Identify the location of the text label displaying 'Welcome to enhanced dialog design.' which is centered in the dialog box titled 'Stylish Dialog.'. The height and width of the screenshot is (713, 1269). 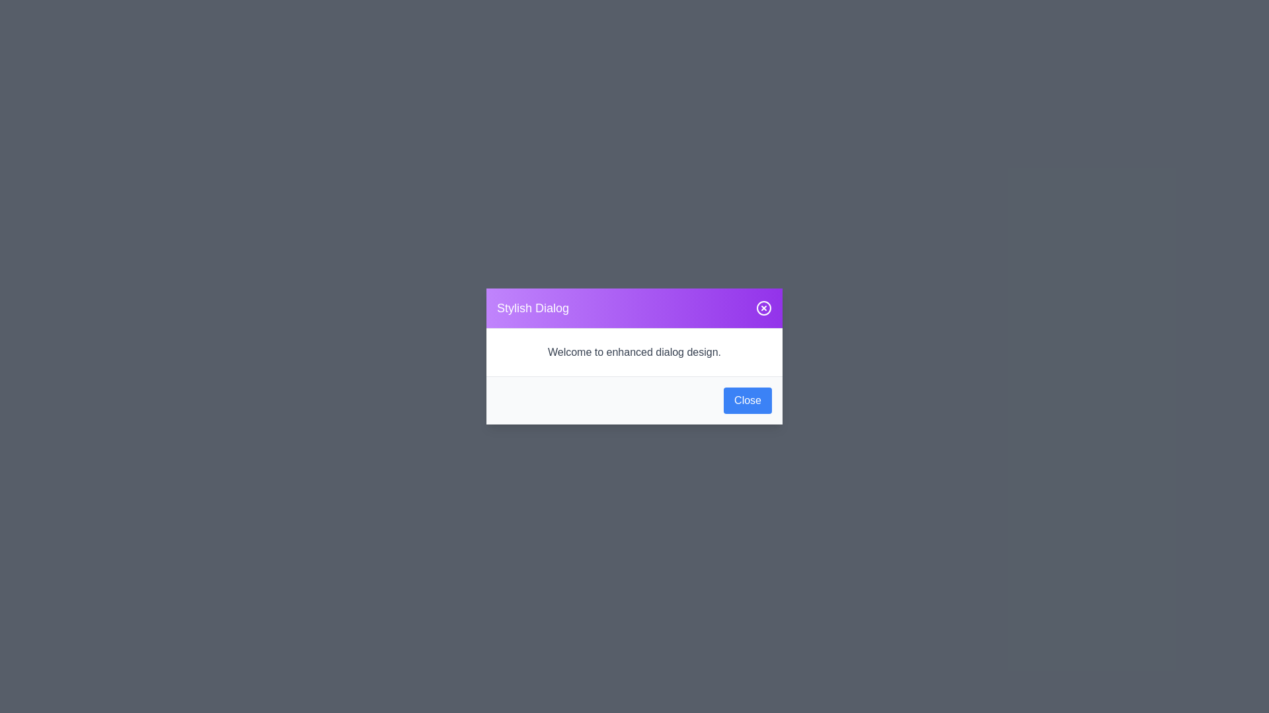
(634, 351).